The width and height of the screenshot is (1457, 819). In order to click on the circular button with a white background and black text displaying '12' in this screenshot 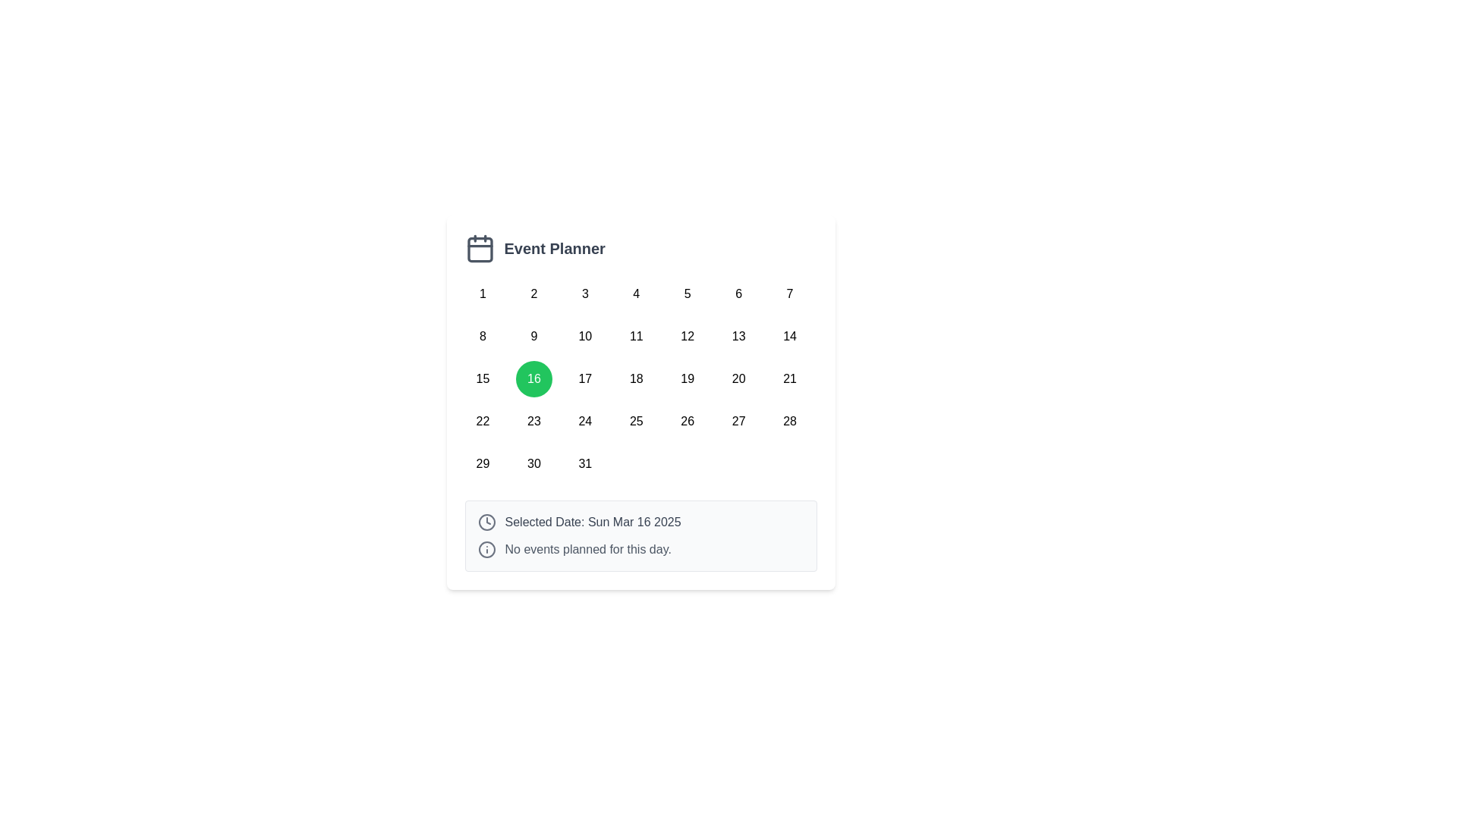, I will do `click(687, 335)`.